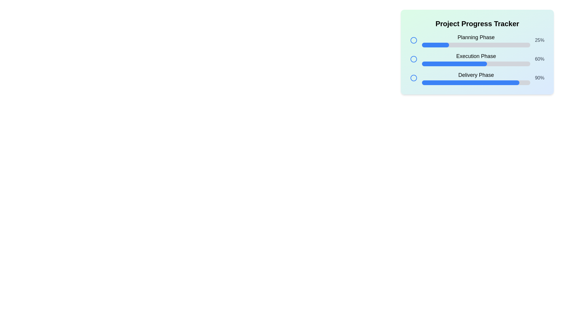 Image resolution: width=565 pixels, height=318 pixels. Describe the element at coordinates (539, 78) in the screenshot. I see `the text label displaying '90%' in gray within the 'Delivery Phase' row of the progress tracker` at that location.